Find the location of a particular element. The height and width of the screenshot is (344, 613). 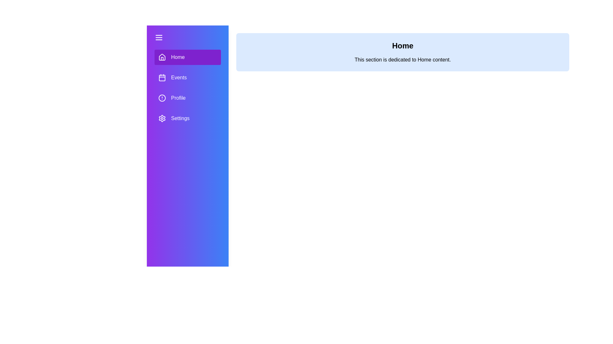

the 'Settings' icon in the sidebar menu for interactions by moving the cursor to its location is located at coordinates (162, 118).